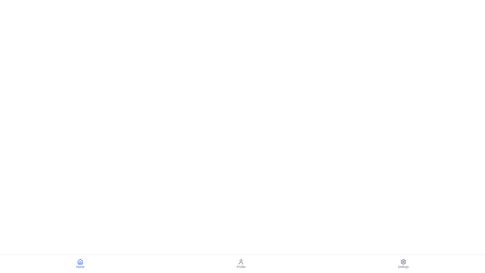  Describe the element at coordinates (241, 262) in the screenshot. I see `the 'Profile' icon in the bottom navigation bar` at that location.